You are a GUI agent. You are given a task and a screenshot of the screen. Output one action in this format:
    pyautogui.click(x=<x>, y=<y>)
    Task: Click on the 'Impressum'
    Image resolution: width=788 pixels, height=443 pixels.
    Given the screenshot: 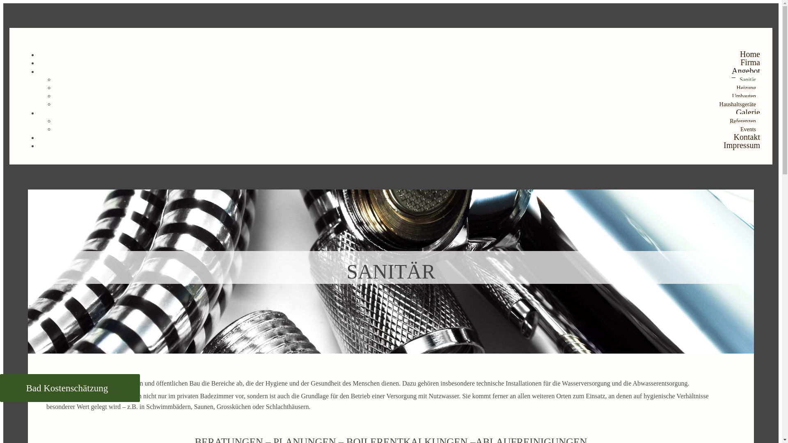 What is the action you would take?
    pyautogui.click(x=723, y=145)
    